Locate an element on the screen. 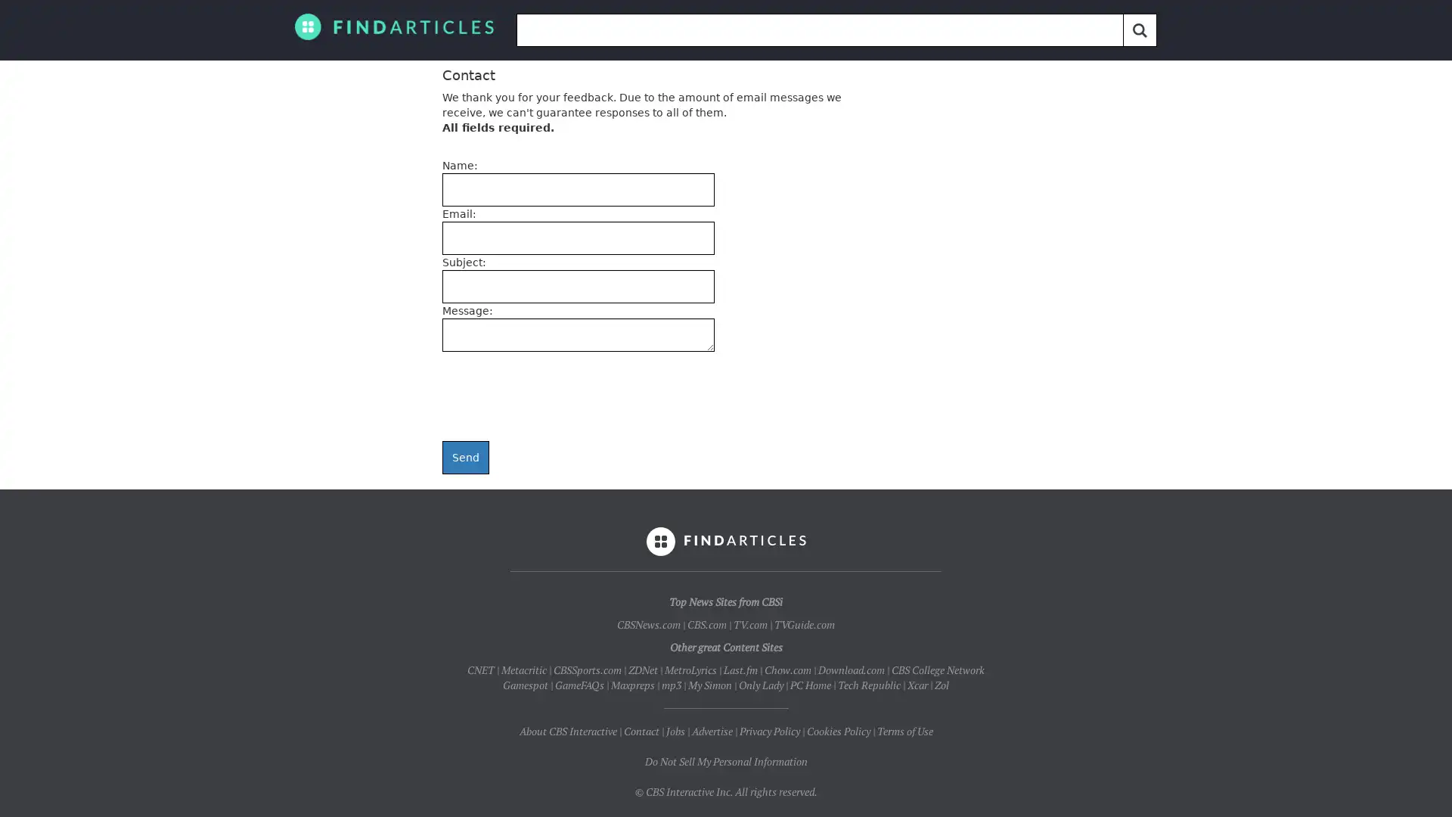  Go is located at coordinates (1140, 30).